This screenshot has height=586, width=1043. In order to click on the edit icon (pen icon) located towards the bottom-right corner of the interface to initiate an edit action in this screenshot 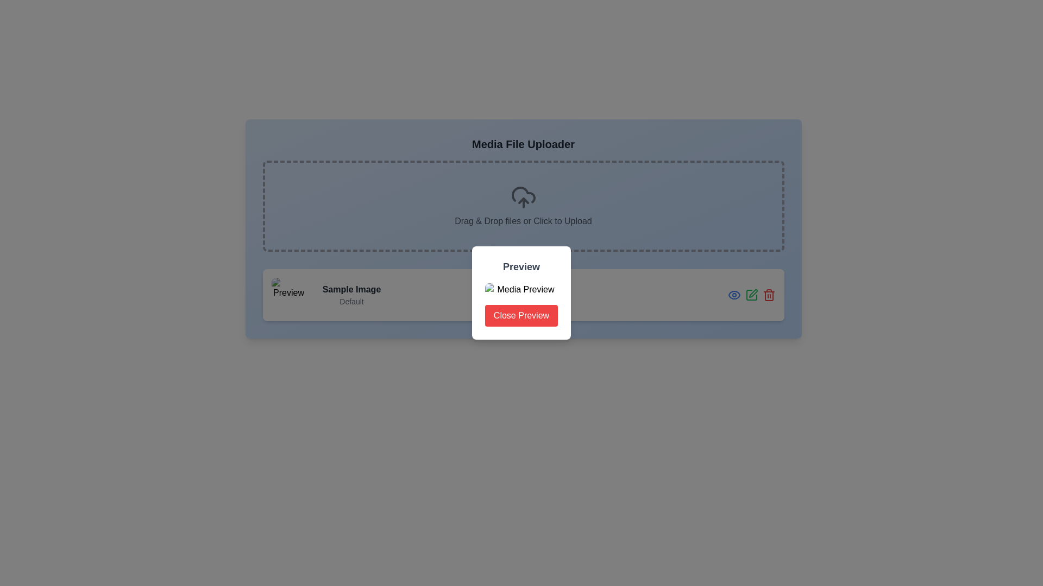, I will do `click(752, 293)`.